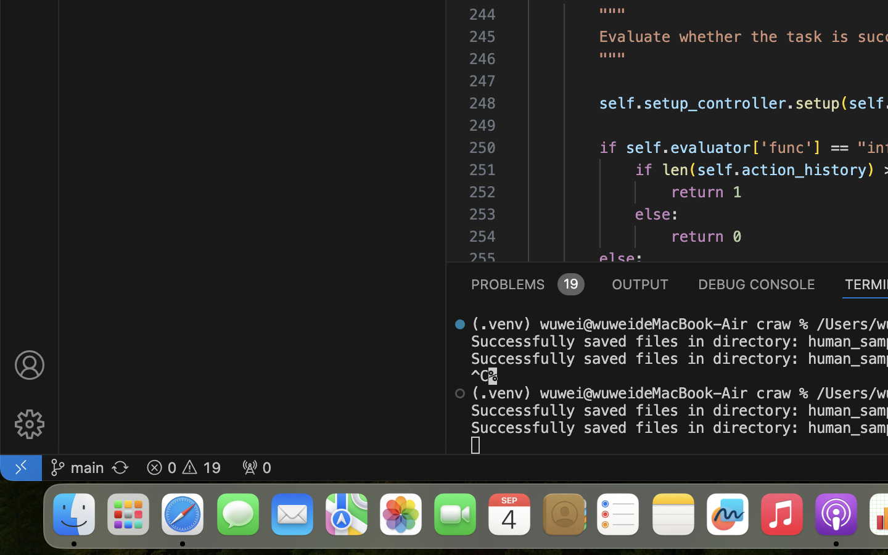 Image resolution: width=888 pixels, height=555 pixels. Describe the element at coordinates (527, 282) in the screenshot. I see `'0 PROBLEMS 19'` at that location.